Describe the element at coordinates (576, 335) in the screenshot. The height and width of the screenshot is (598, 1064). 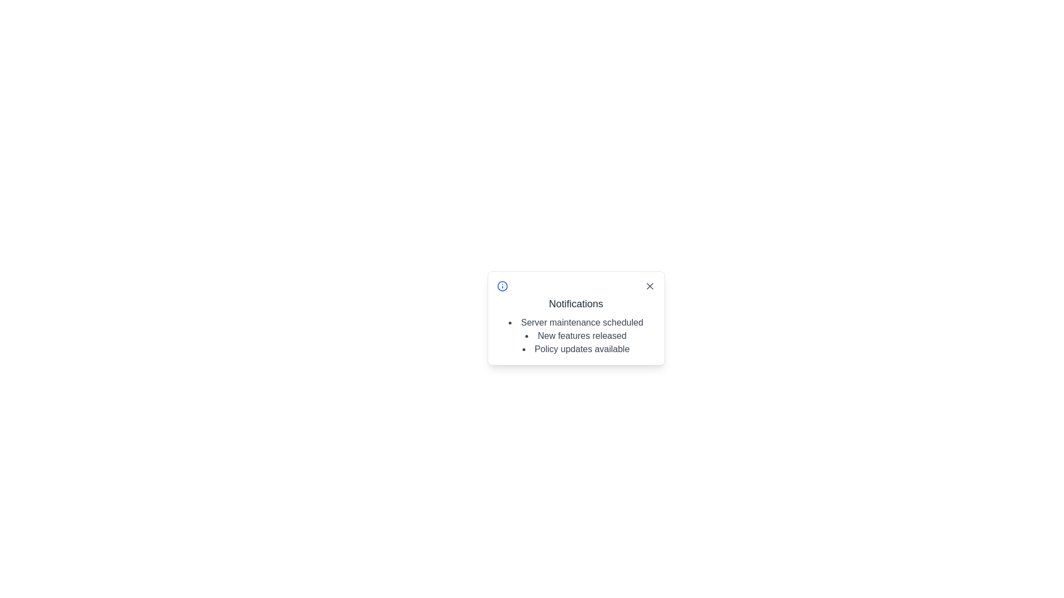
I see `the second item in the vertical bulleted list of notifications in the popup panel labeled 'Notifications', which displays information about newly released features` at that location.